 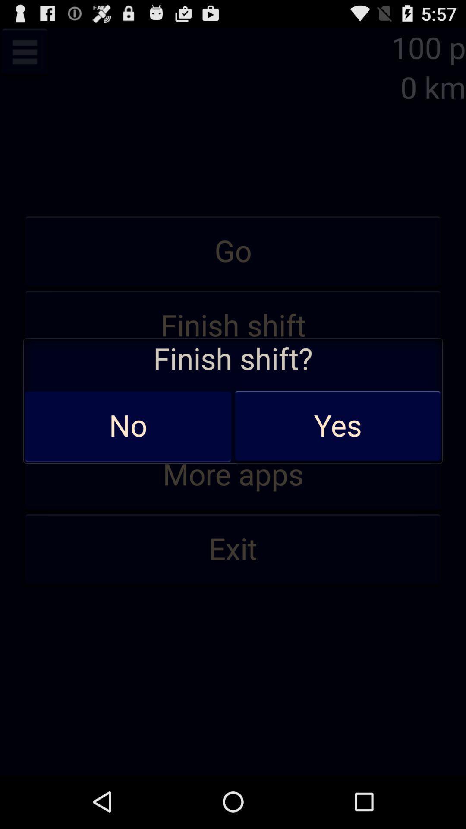 What do you see at coordinates (337, 426) in the screenshot?
I see `the yes app` at bounding box center [337, 426].